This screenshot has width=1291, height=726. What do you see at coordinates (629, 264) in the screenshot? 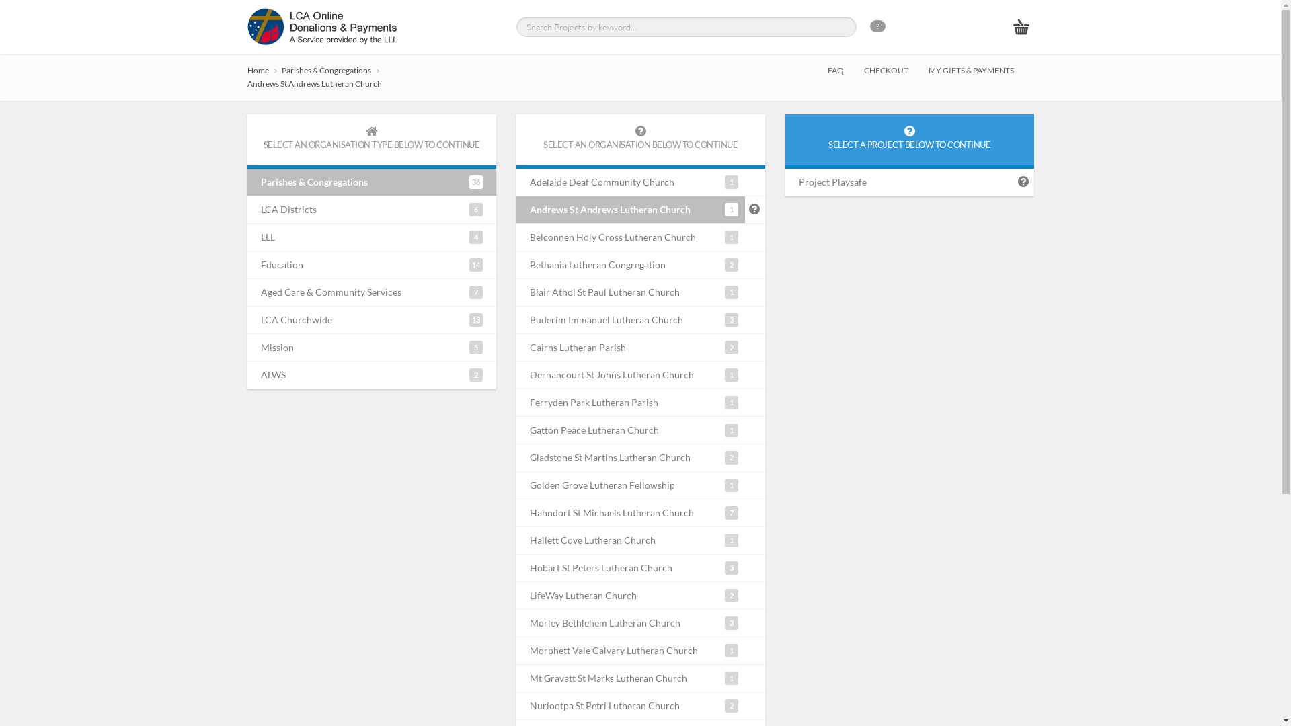
I see `'2` at bounding box center [629, 264].